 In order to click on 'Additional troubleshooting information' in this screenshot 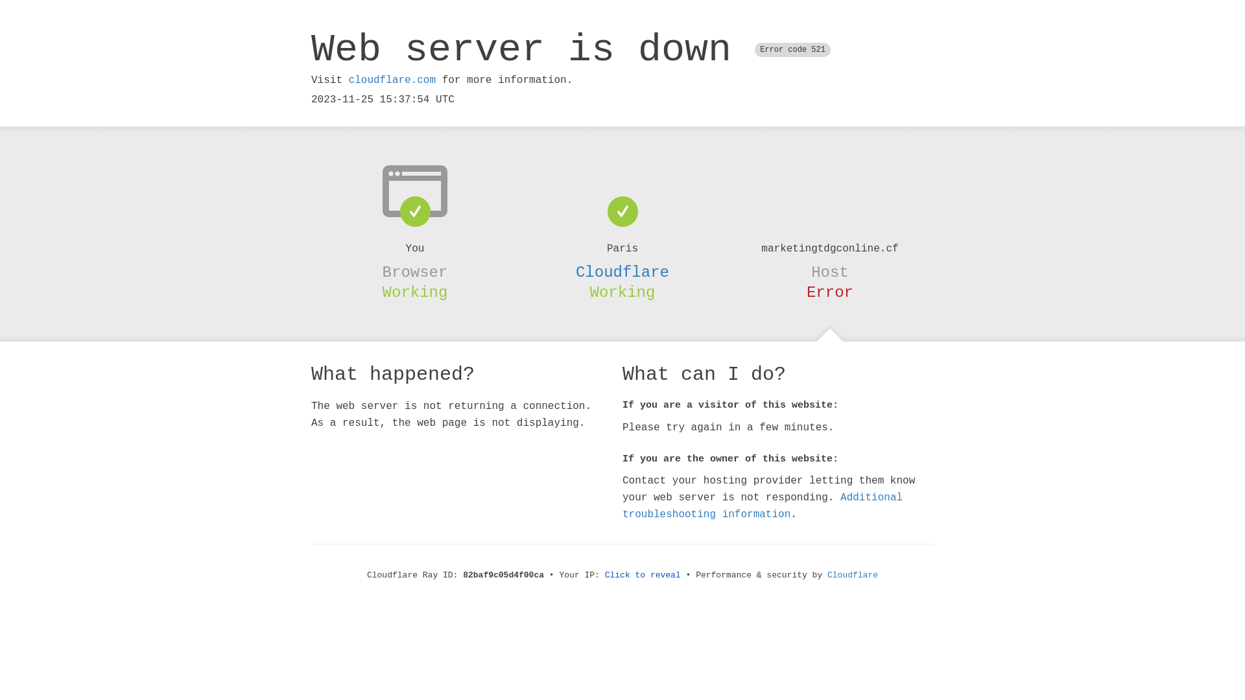, I will do `click(763, 505)`.